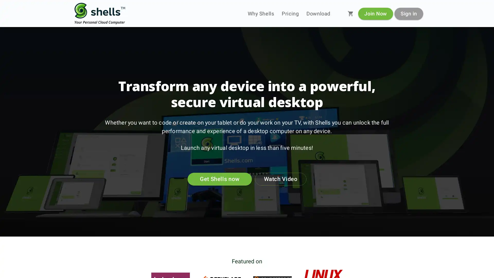 The width and height of the screenshot is (494, 278). I want to click on Watch Video, so click(280, 179).